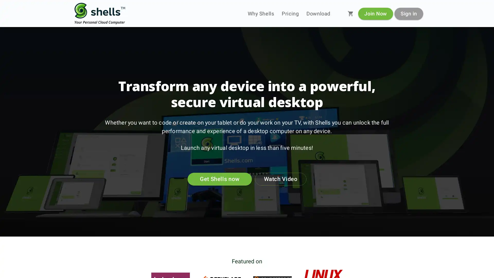 The width and height of the screenshot is (494, 278). I want to click on Watch Video, so click(280, 179).